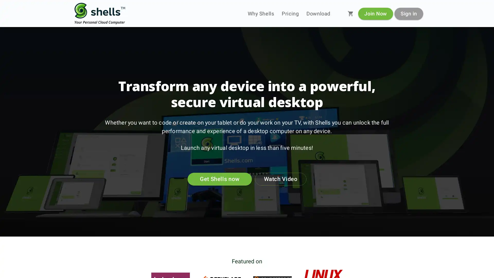 The width and height of the screenshot is (494, 278). I want to click on Watch Video, so click(280, 179).